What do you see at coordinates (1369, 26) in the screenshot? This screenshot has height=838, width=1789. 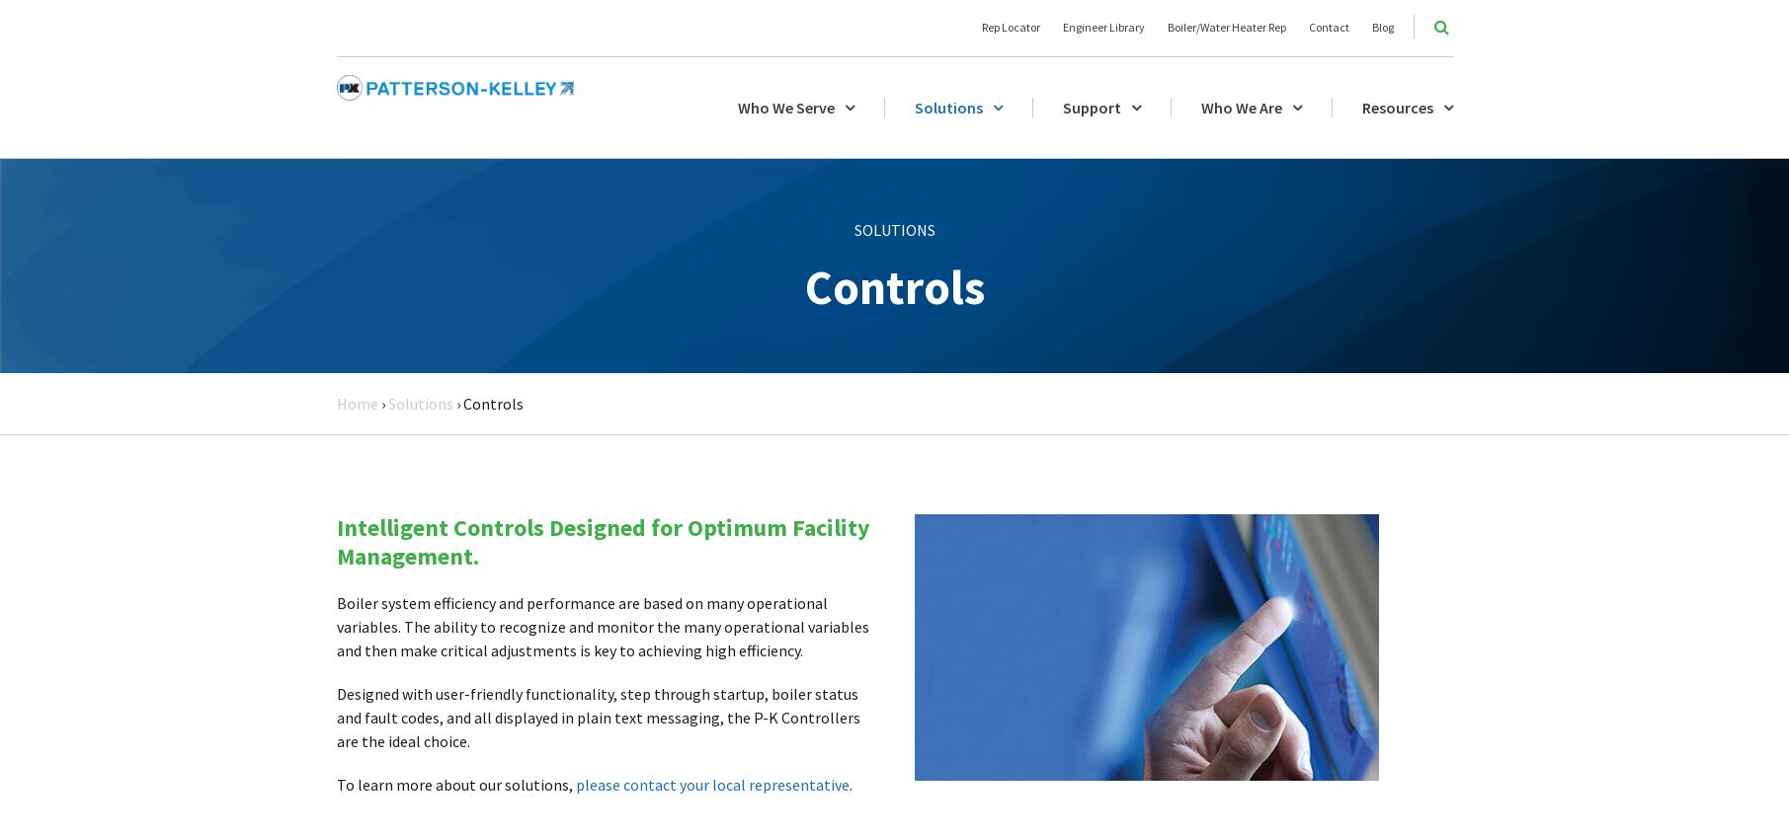 I see `'Blog'` at bounding box center [1369, 26].